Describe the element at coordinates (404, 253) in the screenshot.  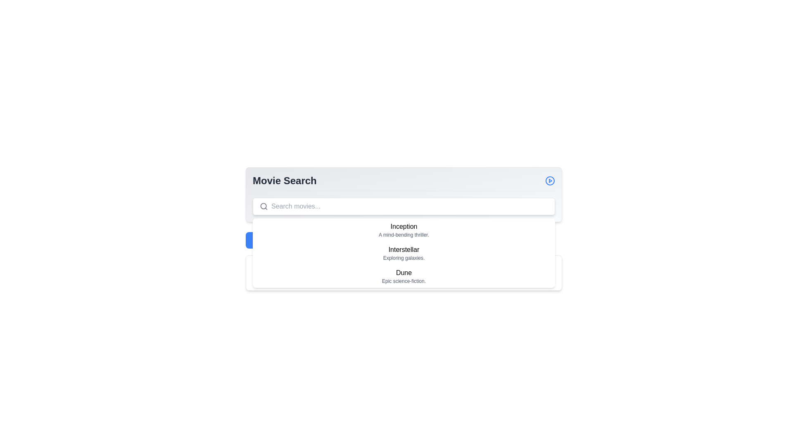
I see `the second item in the dropdown list titled 'Interstellar' with the subtitle 'Exploring galaxies.'` at that location.